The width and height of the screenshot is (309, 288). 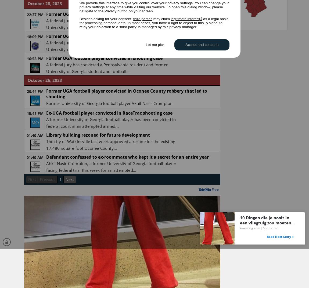 I want to click on '20:44 PM', so click(x=34, y=91).